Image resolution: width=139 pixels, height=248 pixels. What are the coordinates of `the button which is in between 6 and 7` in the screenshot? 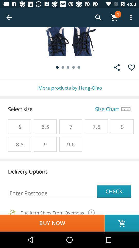 It's located at (45, 126).